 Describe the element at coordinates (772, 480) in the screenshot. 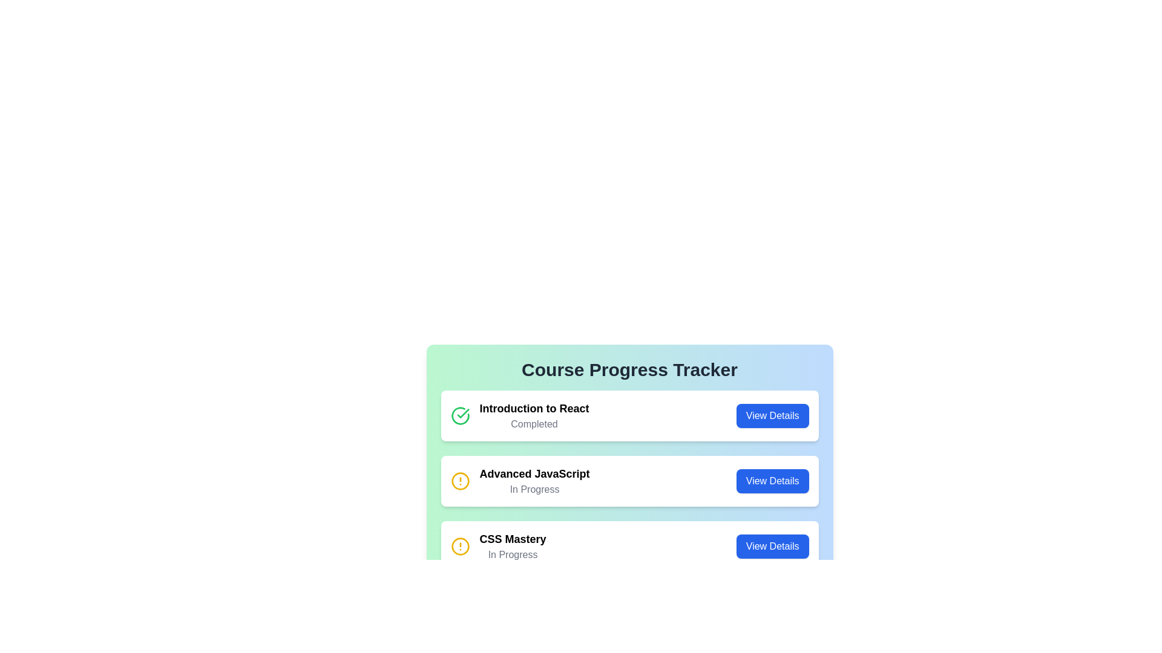

I see `the rectangular button with a blue background and white text reading 'View Details' located in the 'Advanced JavaScript' course section` at that location.